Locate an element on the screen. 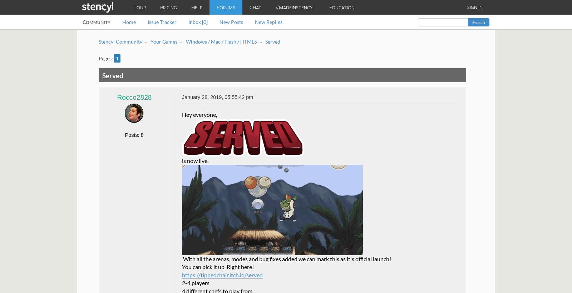 The height and width of the screenshot is (293, 572). 'OMMUNITY' is located at coordinates (98, 22).